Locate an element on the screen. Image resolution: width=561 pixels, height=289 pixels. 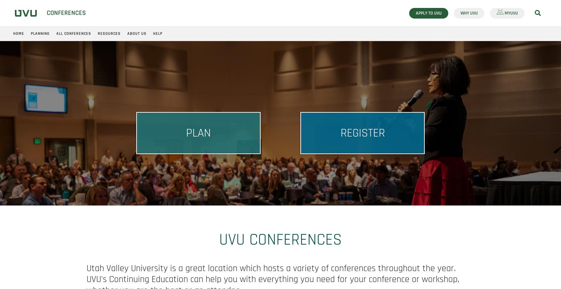
'Conferences' is located at coordinates (46, 12).